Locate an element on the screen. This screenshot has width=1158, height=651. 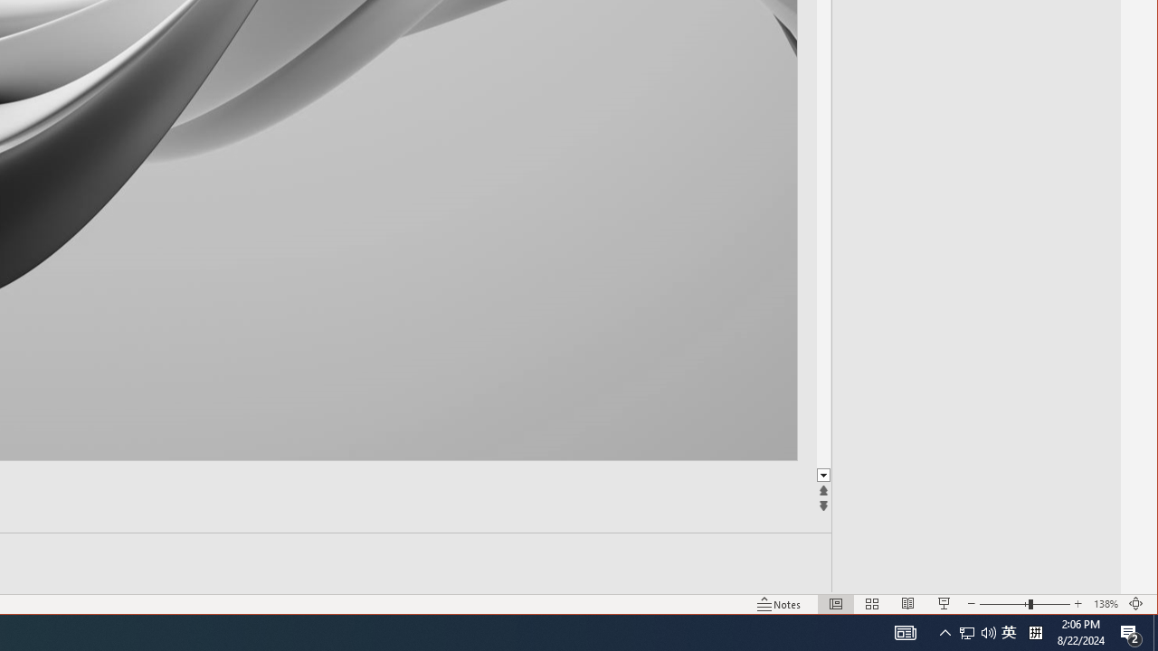
'Action Center, 2 new notifications' is located at coordinates (1131, 631).